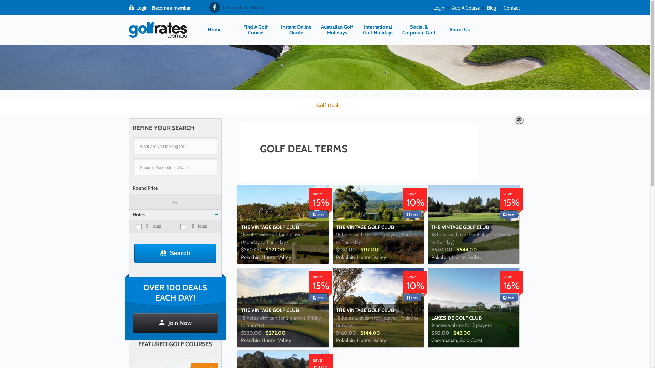 The width and height of the screenshot is (655, 368). What do you see at coordinates (171, 7) in the screenshot?
I see `'Become a member'` at bounding box center [171, 7].